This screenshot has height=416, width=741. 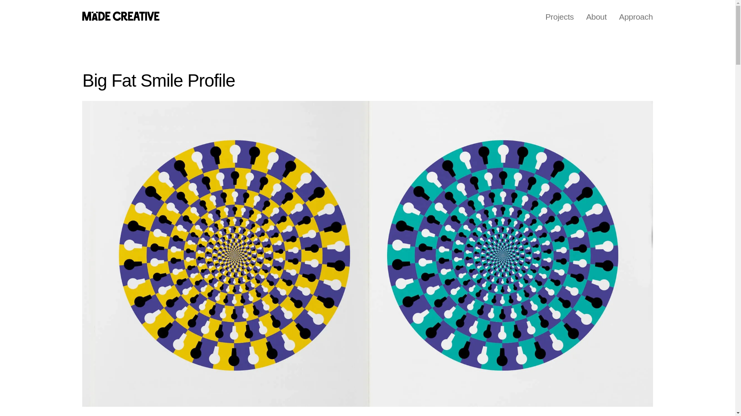 What do you see at coordinates (633, 17) in the screenshot?
I see `'Approach'` at bounding box center [633, 17].